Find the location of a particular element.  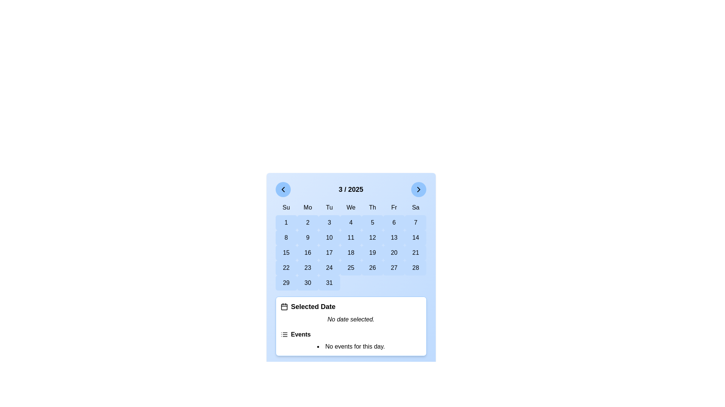

the Text label for Saturday in the calendar view, which is the last element in the top row of the calendar grid is located at coordinates (415, 208).